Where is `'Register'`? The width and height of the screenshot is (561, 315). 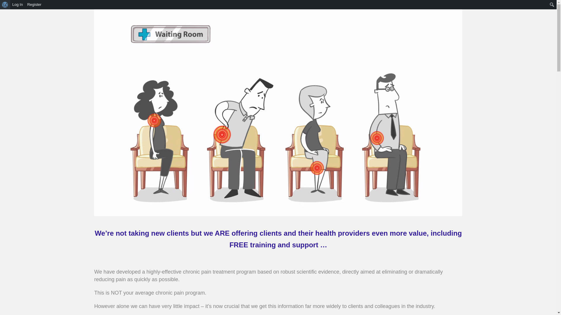 'Register' is located at coordinates (34, 4).